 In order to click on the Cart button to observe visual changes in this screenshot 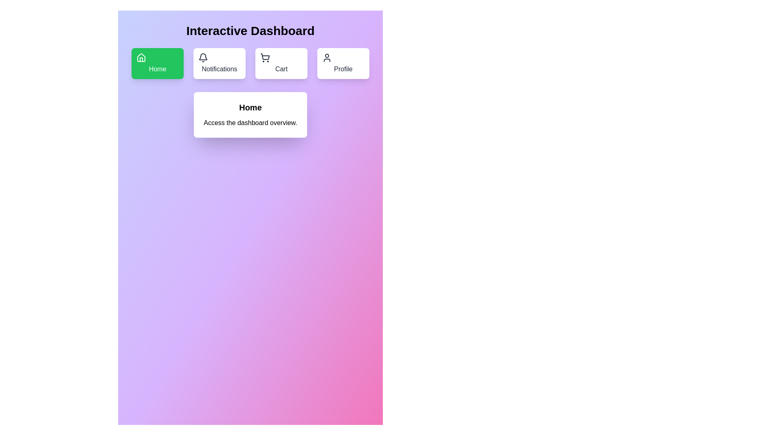, I will do `click(281, 63)`.